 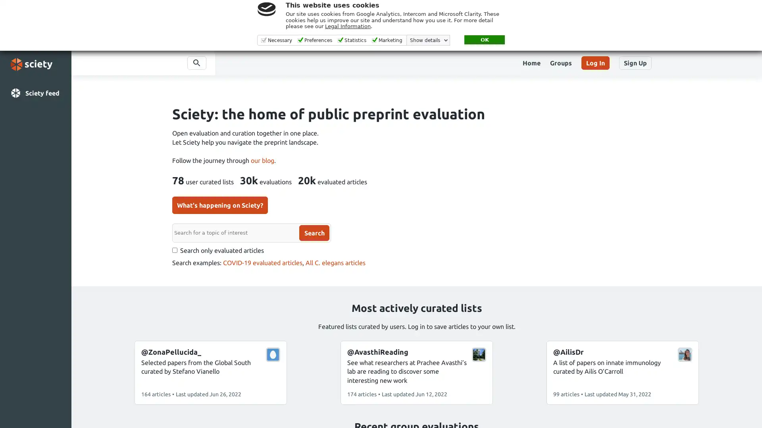 What do you see at coordinates (263, 232) in the screenshot?
I see `Search` at bounding box center [263, 232].